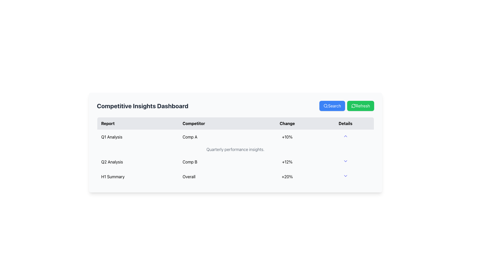 The width and height of the screenshot is (489, 275). I want to click on the green 'Refresh' button containing the circular refresh icon with two arrows, located on the right-hand side of the header, so click(353, 106).